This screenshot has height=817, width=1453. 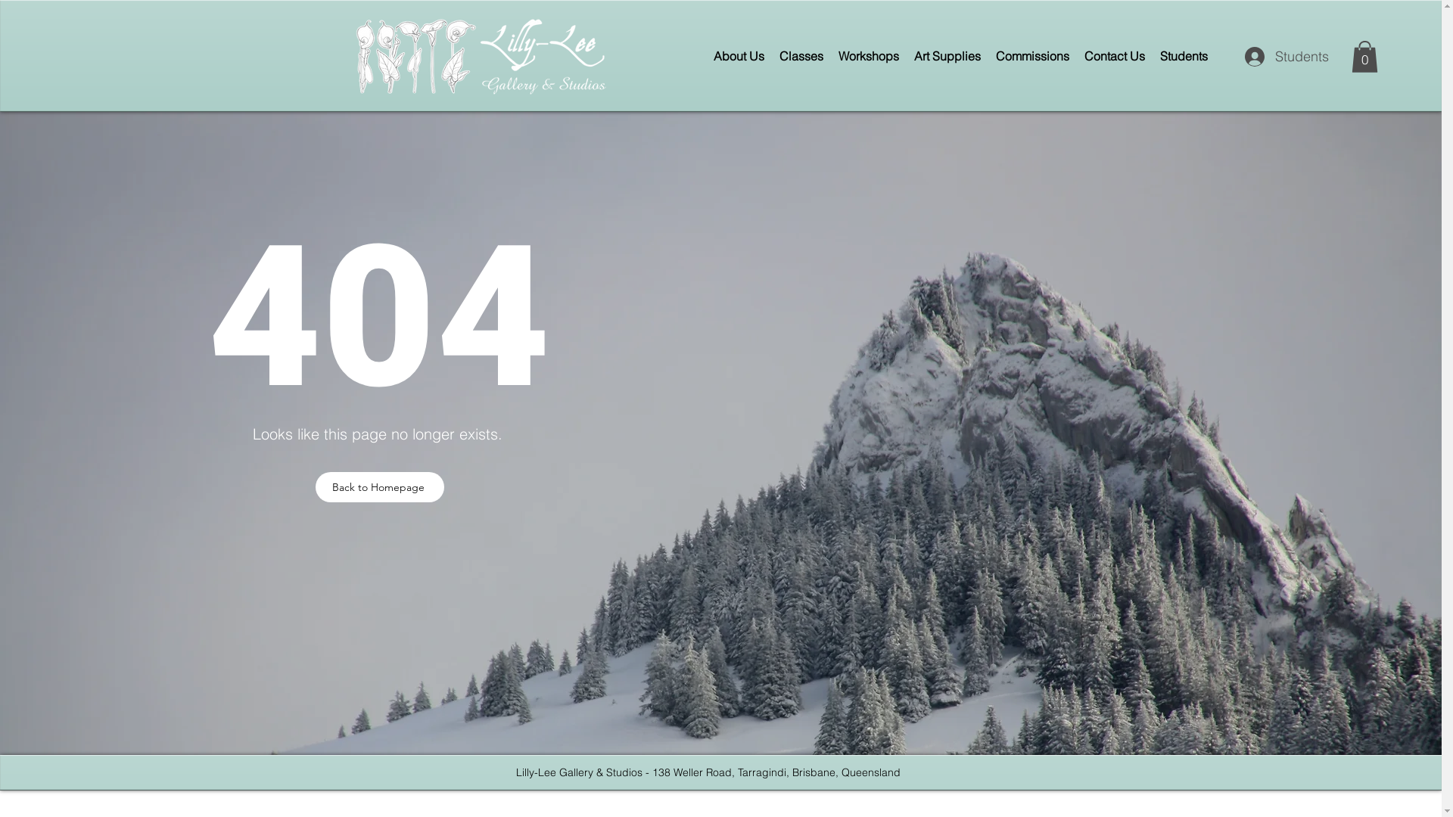 What do you see at coordinates (739, 55) in the screenshot?
I see `'About Us'` at bounding box center [739, 55].